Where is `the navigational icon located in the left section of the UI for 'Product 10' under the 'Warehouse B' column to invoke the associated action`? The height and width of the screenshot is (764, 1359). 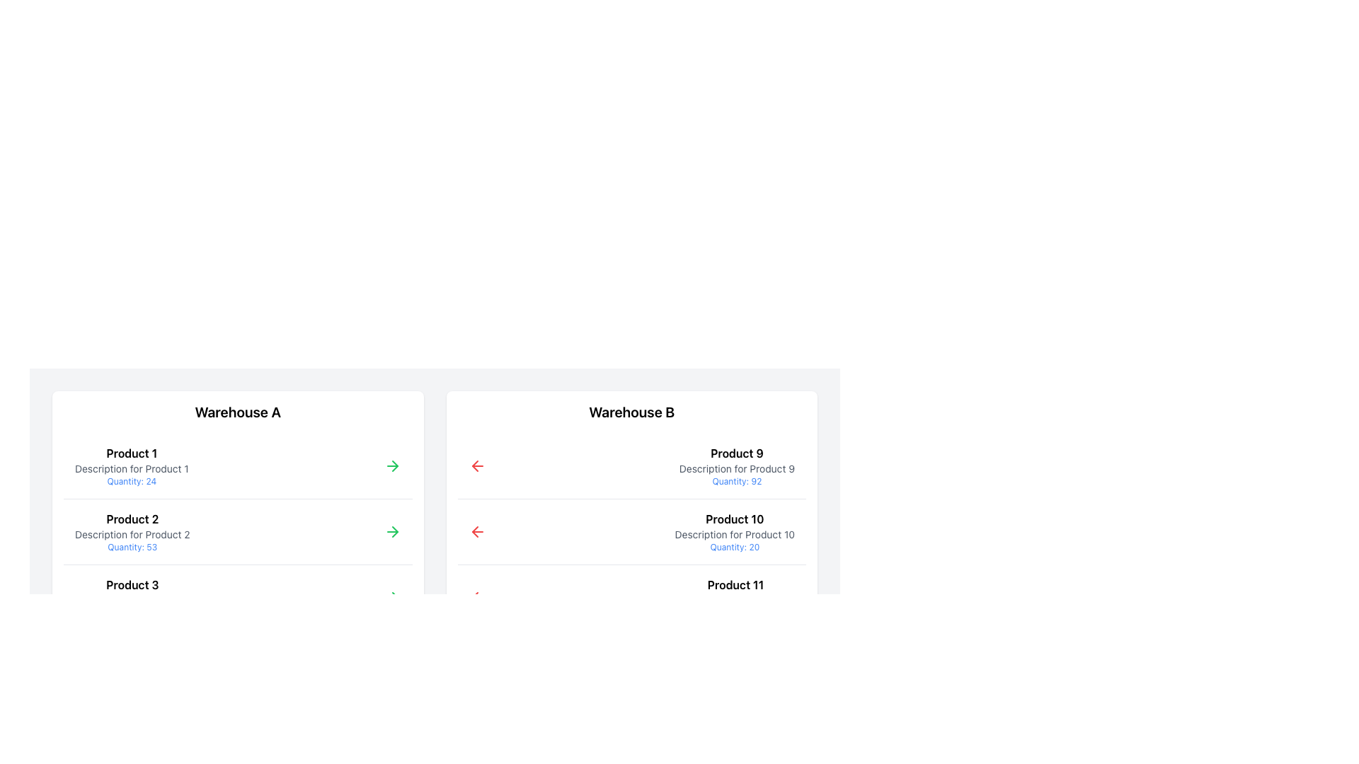 the navigational icon located in the left section of the UI for 'Product 10' under the 'Warehouse B' column to invoke the associated action is located at coordinates (475, 532).